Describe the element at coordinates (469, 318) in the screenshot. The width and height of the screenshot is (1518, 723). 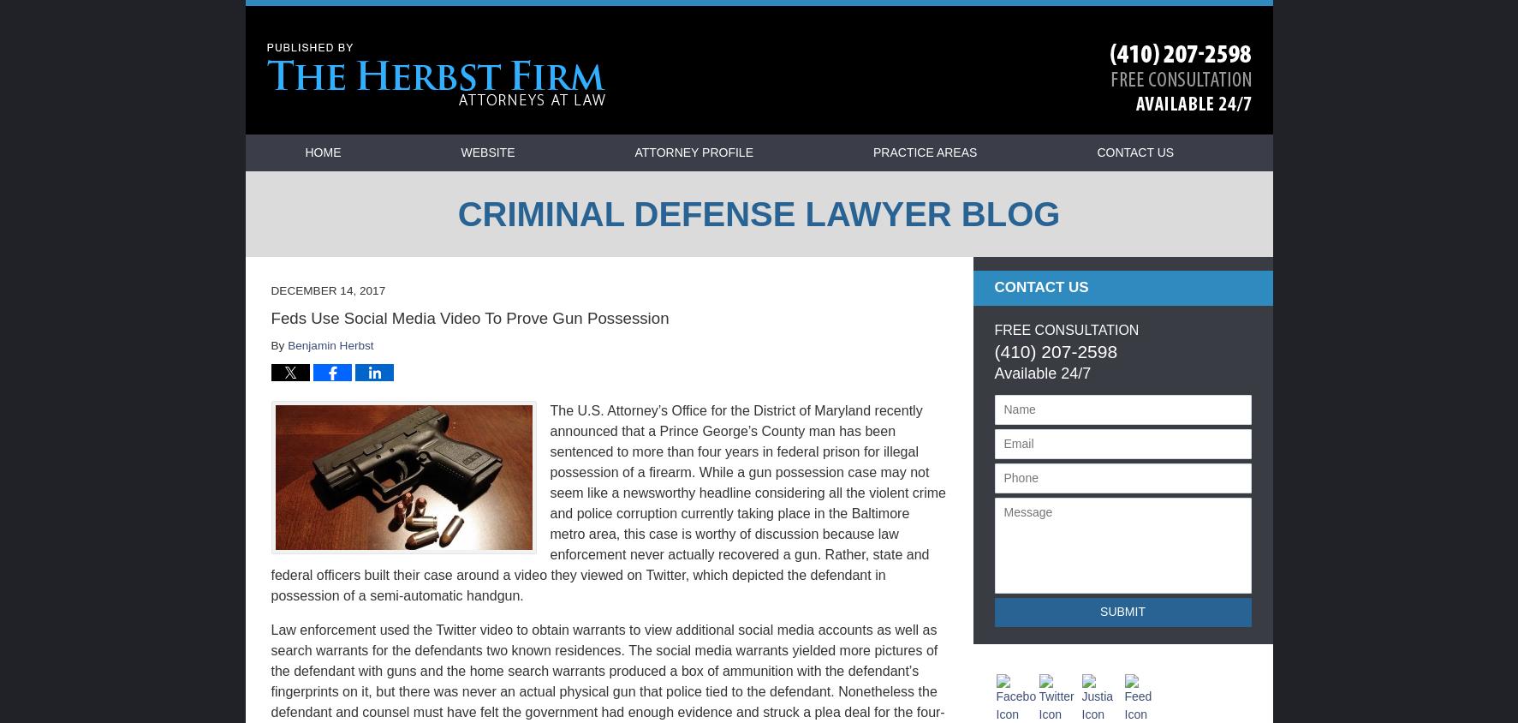
I see `'Feds Use Social Media Video To Prove Gun Possession'` at that location.